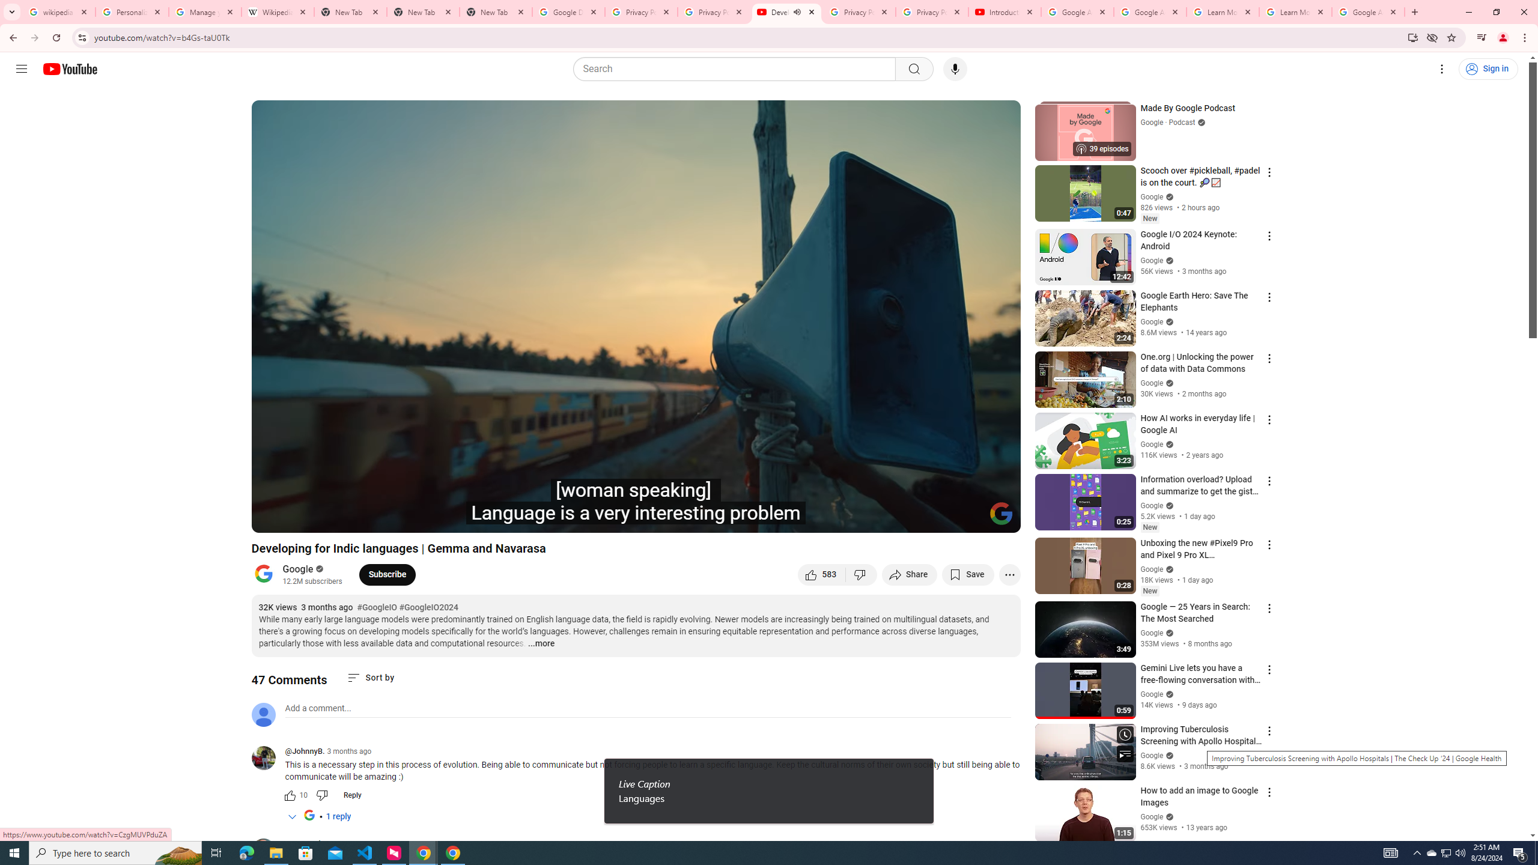 This screenshot has width=1538, height=865. I want to click on '@JohnnyB.', so click(303, 751).